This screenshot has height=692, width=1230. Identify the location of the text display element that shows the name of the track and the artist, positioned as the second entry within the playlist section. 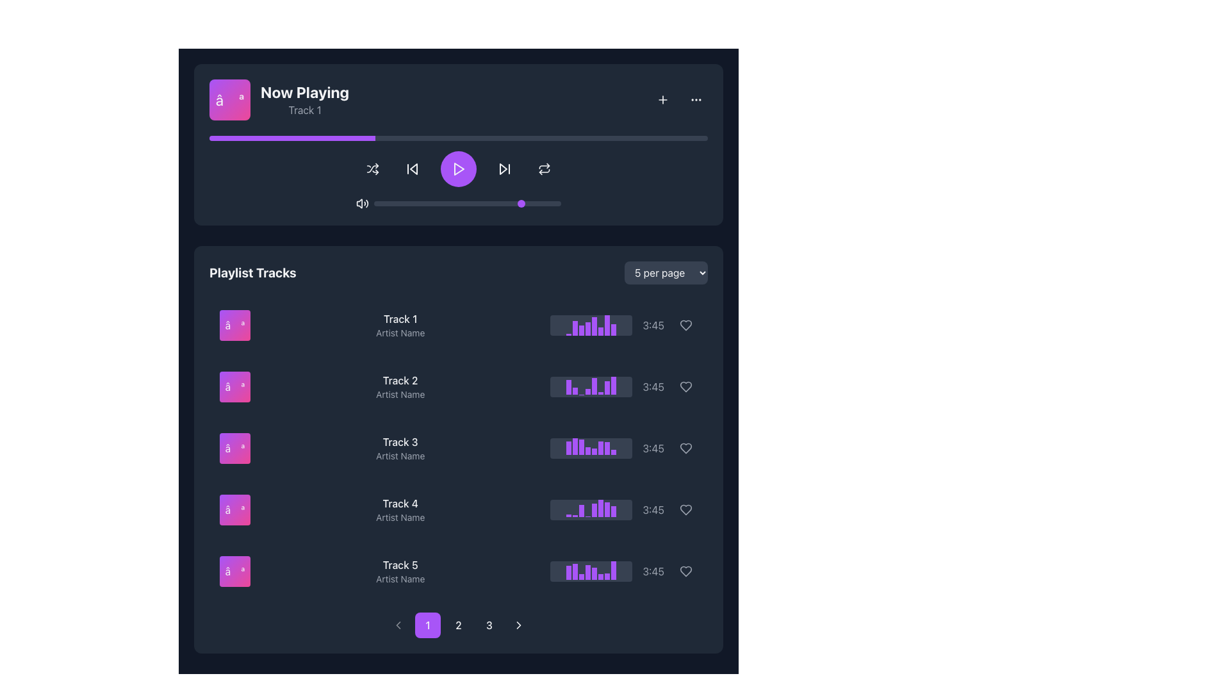
(400, 386).